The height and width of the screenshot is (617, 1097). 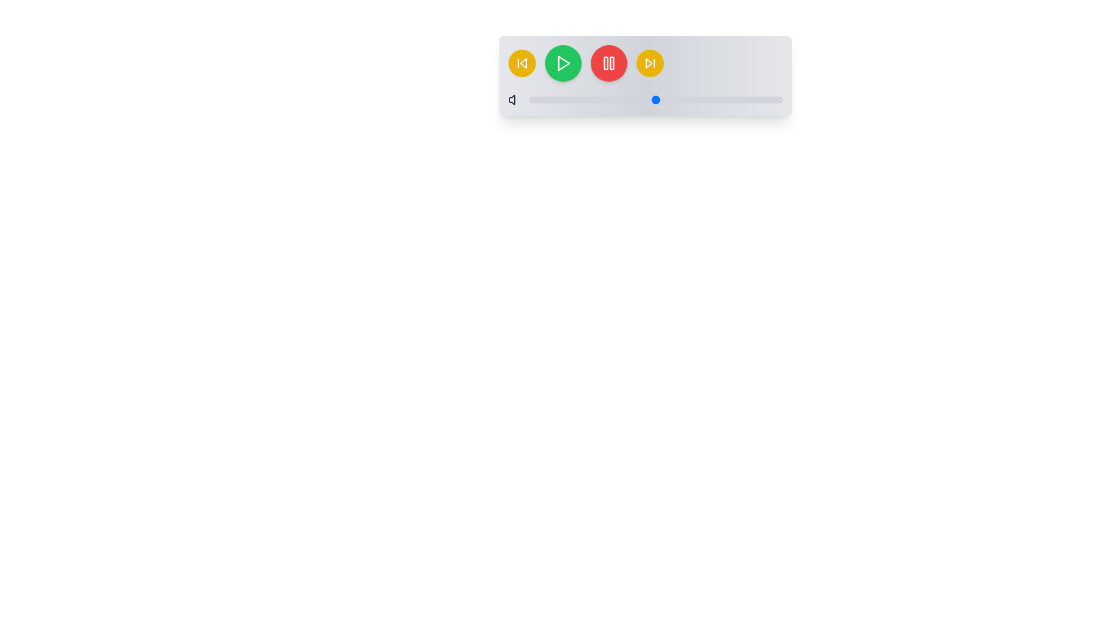 I want to click on the fourth button in the media playback control interface, so click(x=645, y=63).